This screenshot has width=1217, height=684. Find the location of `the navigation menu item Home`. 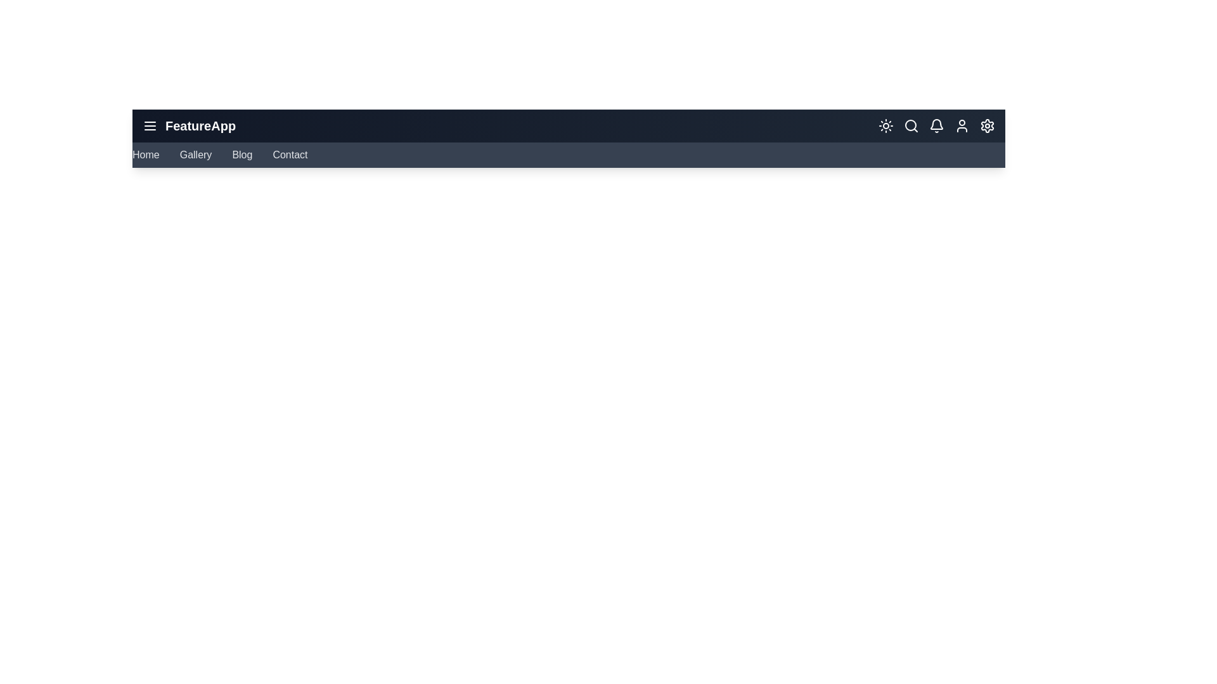

the navigation menu item Home is located at coordinates (146, 155).